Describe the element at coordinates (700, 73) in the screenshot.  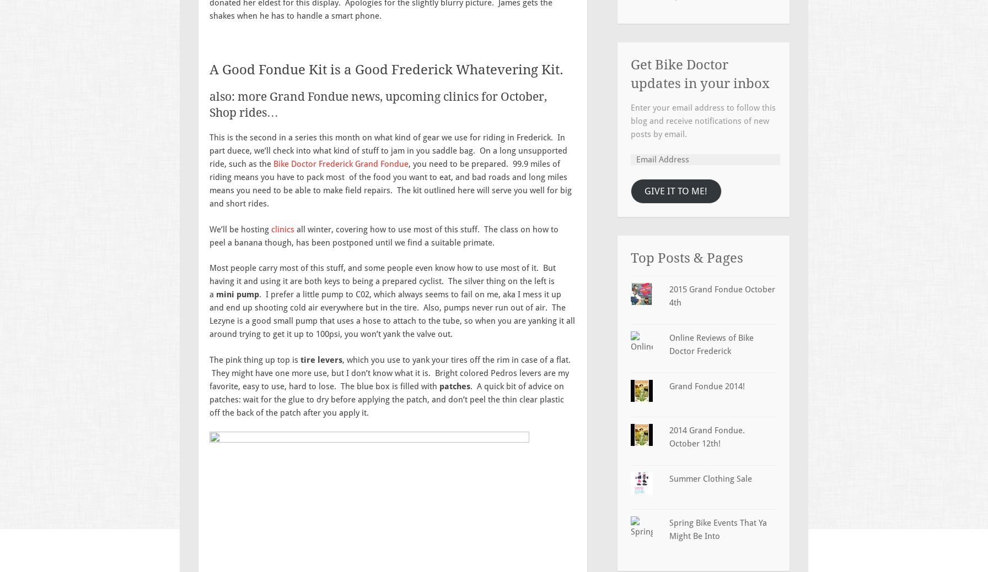
I see `'Get Bike Doctor updates in your inbox'` at that location.